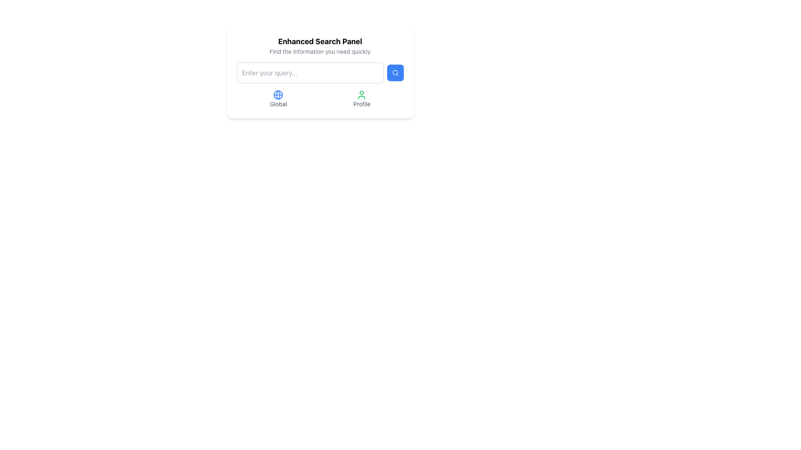 The width and height of the screenshot is (801, 450). I want to click on the text label that reads 'Find the information you need quickly' located below the heading 'Enhanced Search Panel', so click(320, 51).